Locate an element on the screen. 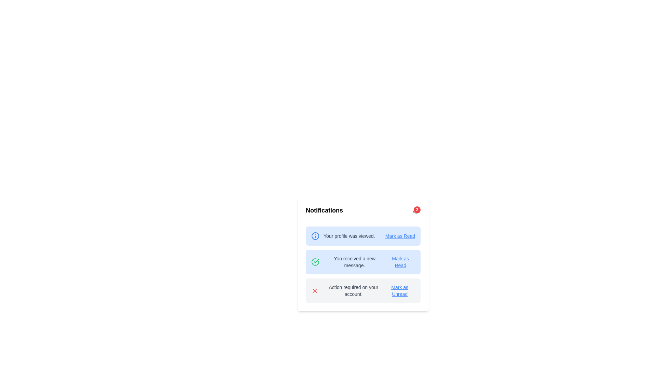 The width and height of the screenshot is (656, 369). the circular information icon within the notification interface, located at the top-right corner of the notifications pop-up is located at coordinates (315, 235).